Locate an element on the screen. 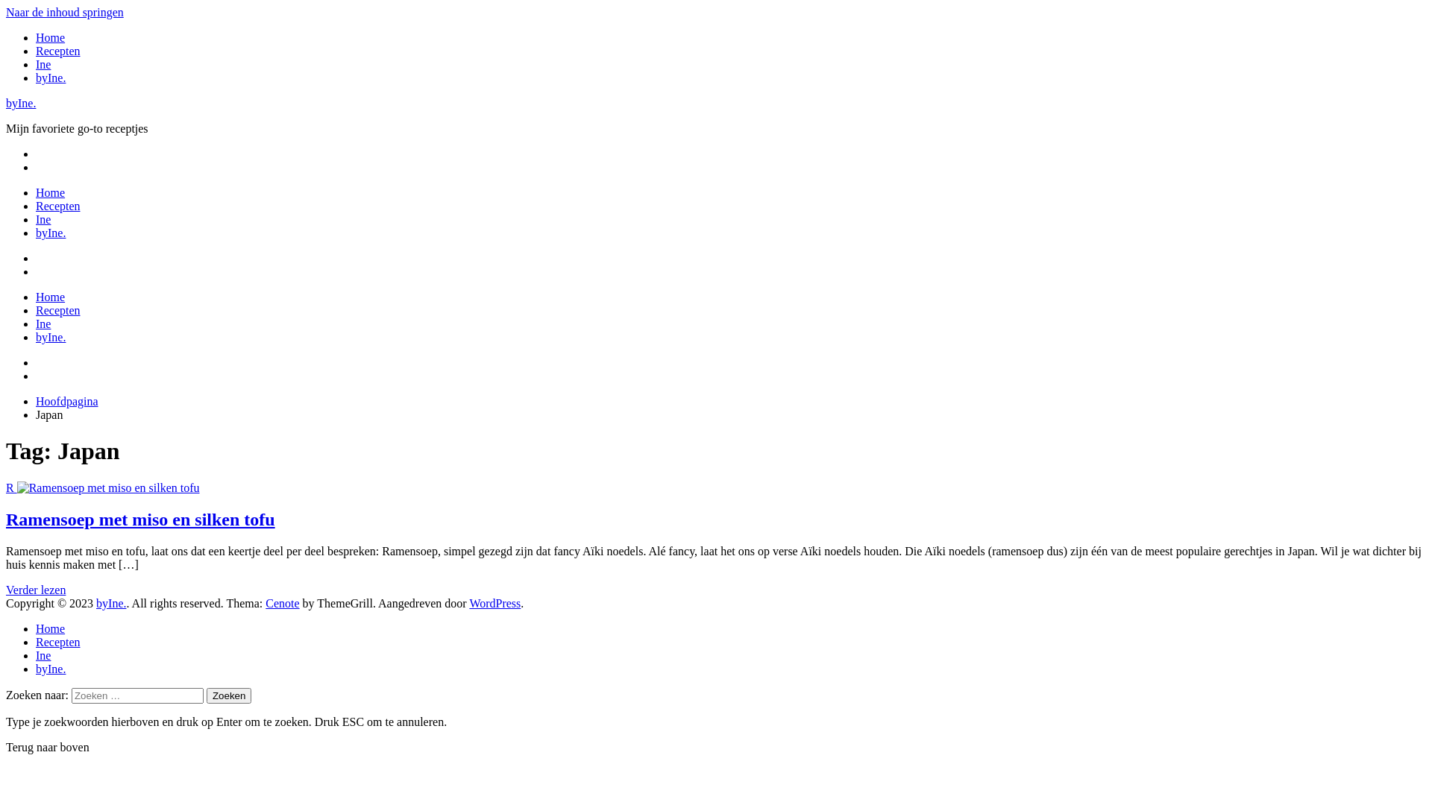 This screenshot has width=1432, height=805. 'Home' is located at coordinates (50, 192).